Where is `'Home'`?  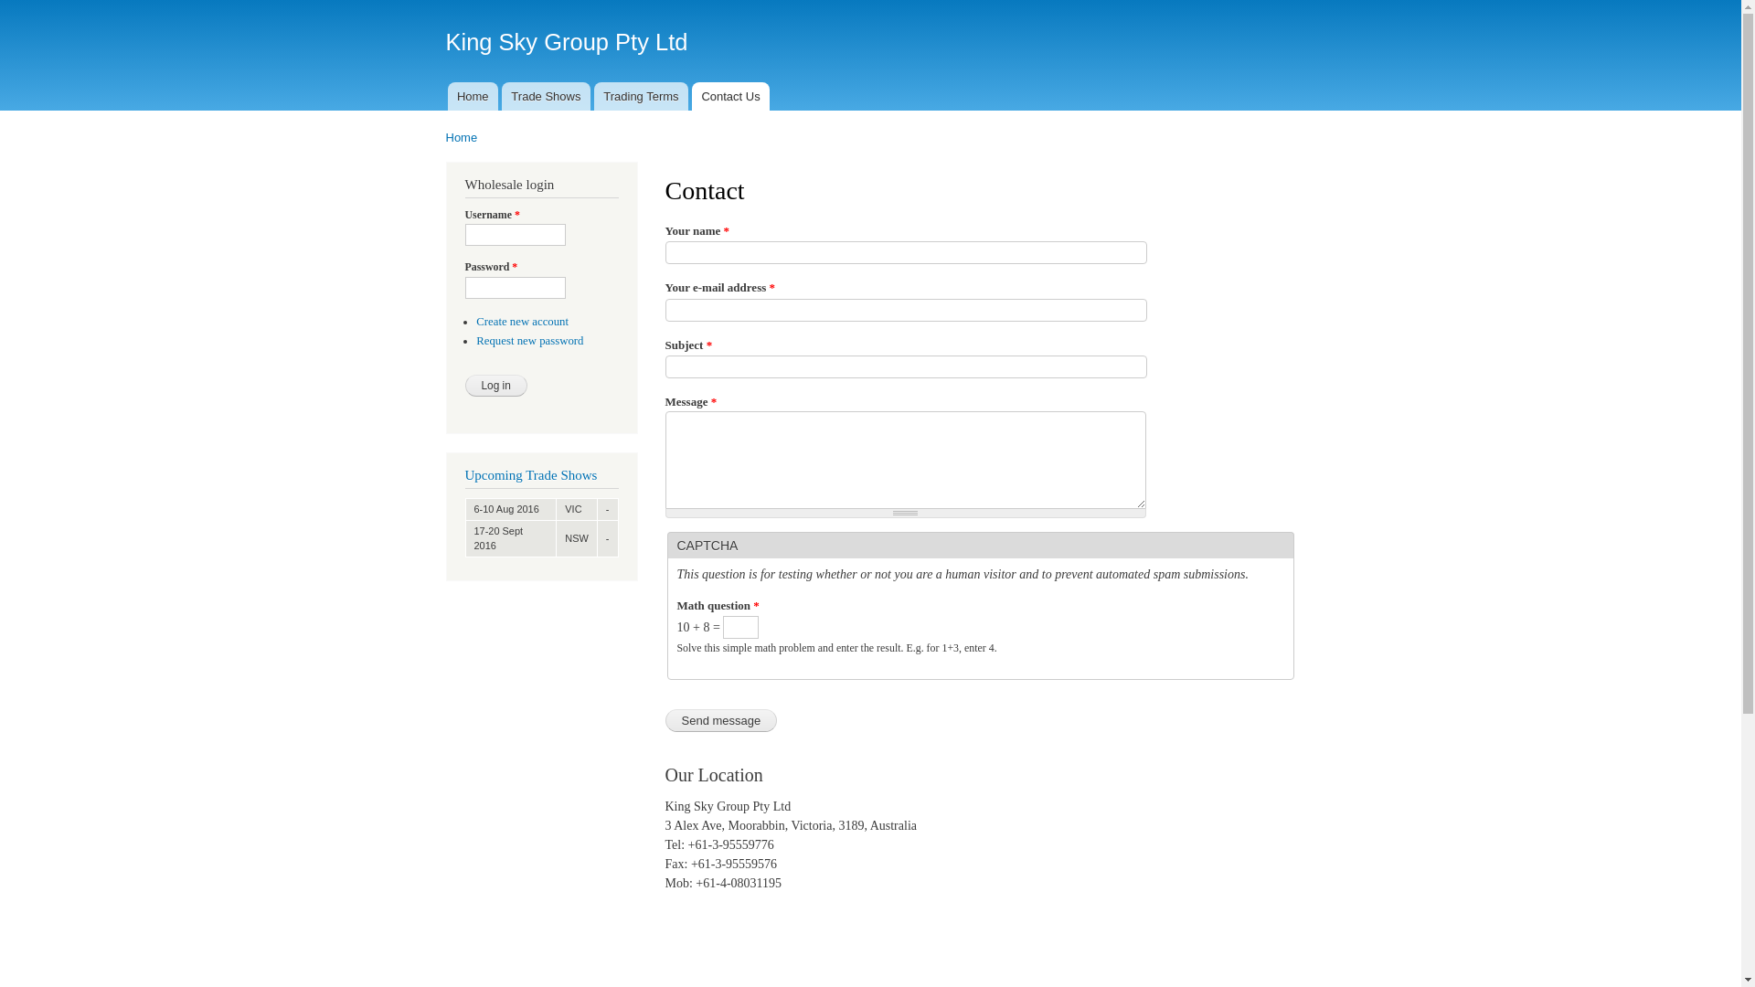
'Home' is located at coordinates (473, 96).